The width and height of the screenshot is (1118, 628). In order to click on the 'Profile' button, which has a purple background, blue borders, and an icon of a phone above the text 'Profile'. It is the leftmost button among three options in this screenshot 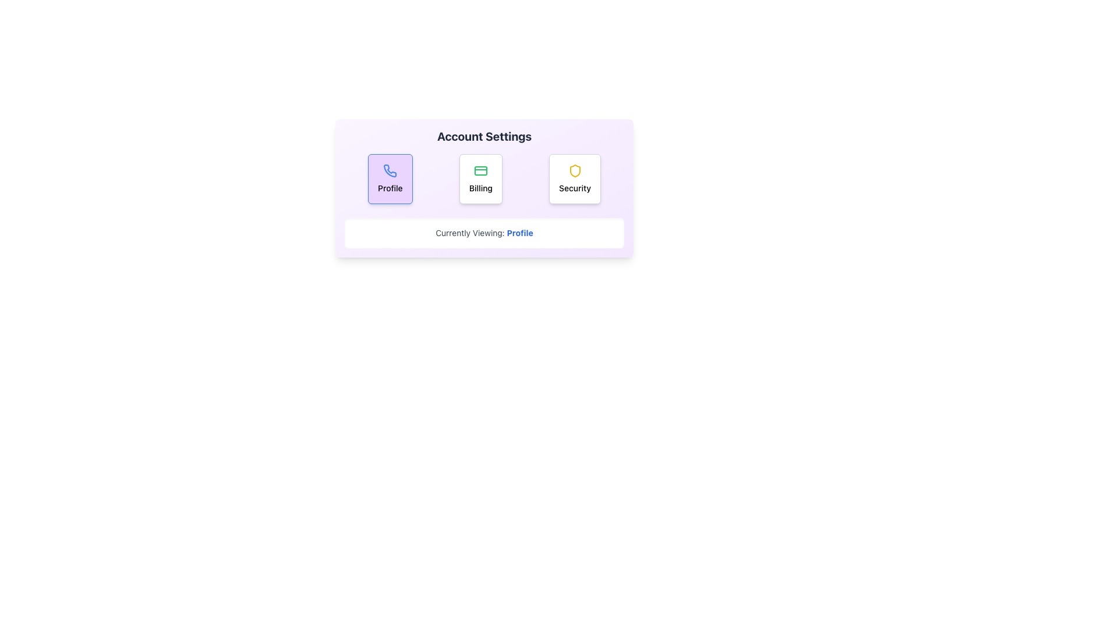, I will do `click(390, 179)`.